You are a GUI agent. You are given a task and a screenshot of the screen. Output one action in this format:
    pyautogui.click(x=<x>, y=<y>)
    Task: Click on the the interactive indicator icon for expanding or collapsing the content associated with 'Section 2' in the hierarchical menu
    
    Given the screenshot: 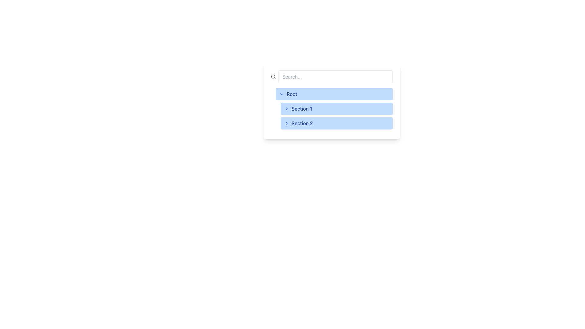 What is the action you would take?
    pyautogui.click(x=286, y=123)
    